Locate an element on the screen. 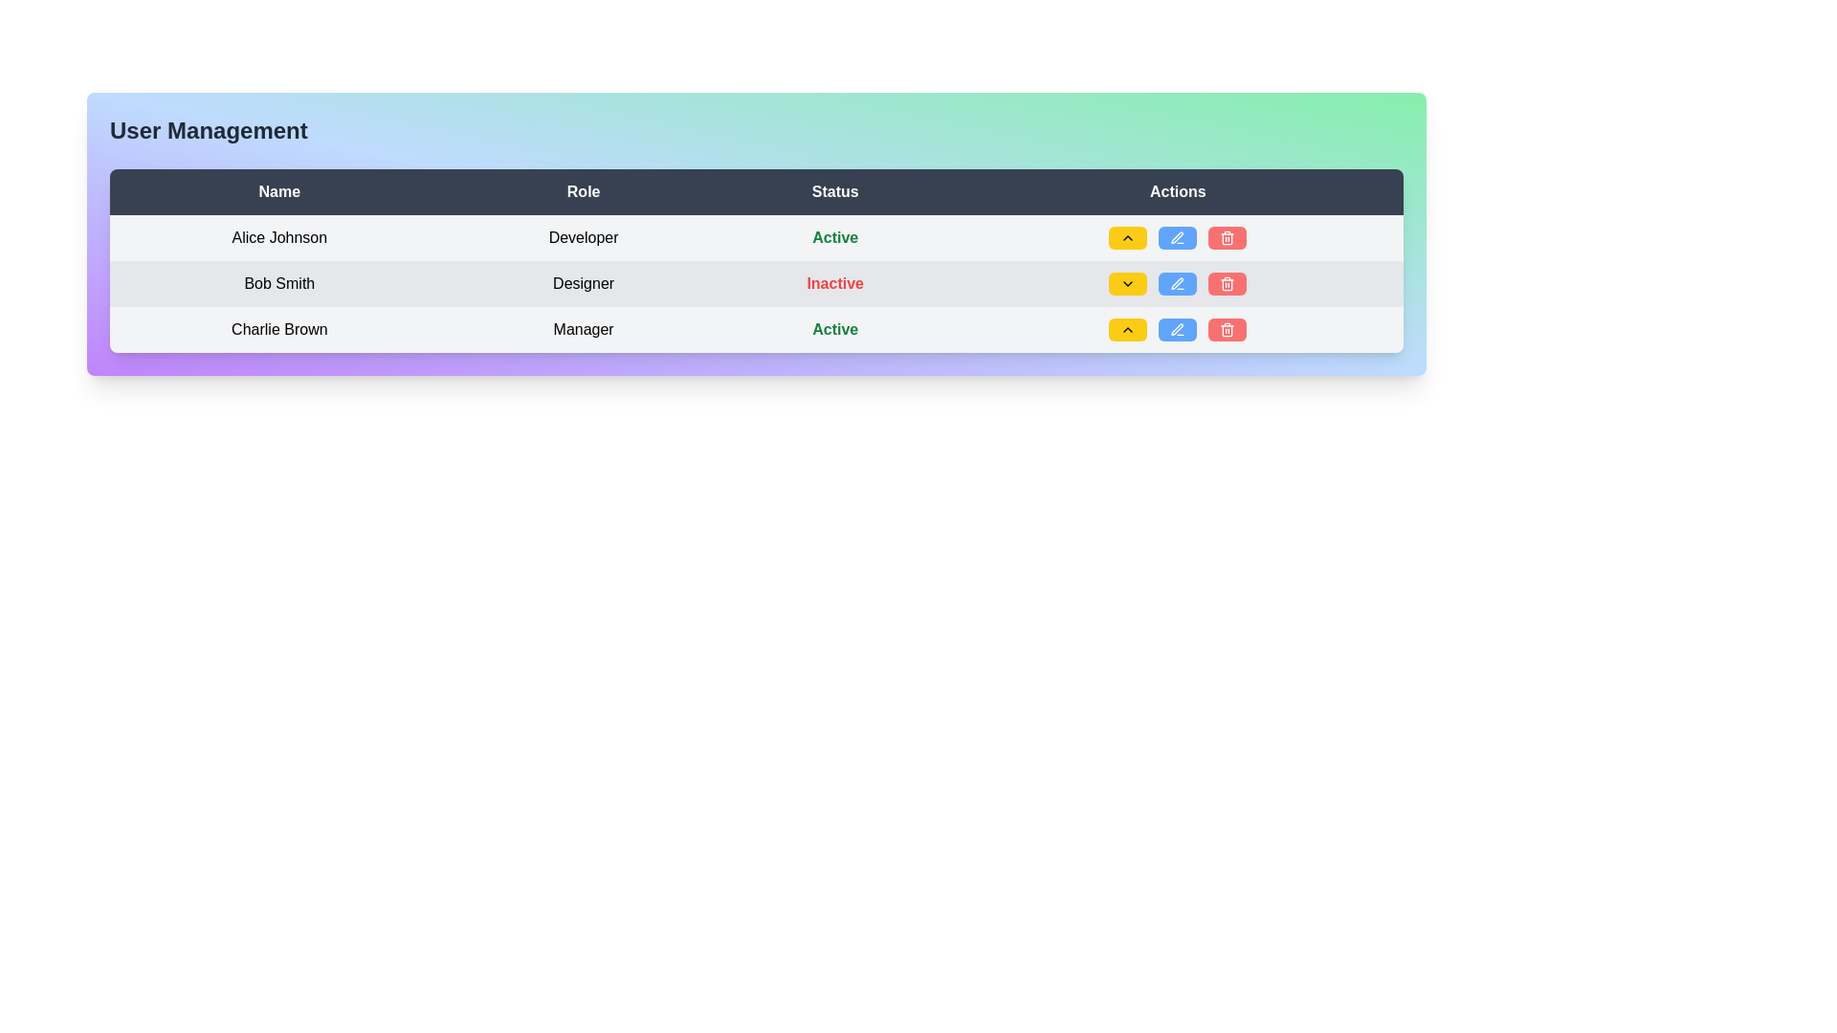 The height and width of the screenshot is (1033, 1837). the status text label indicating the status of the 'Developer' entity in the first row of the table is located at coordinates (835, 236).